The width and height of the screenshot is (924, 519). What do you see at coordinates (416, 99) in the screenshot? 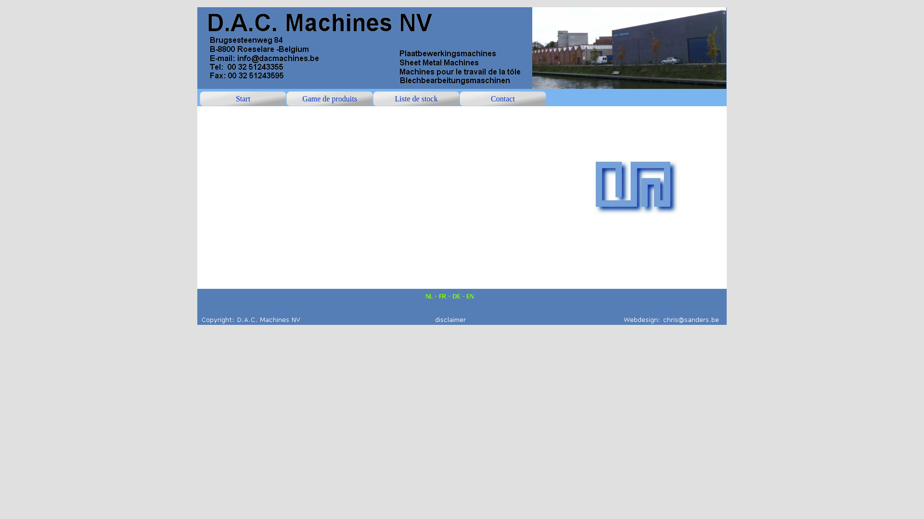
I see `'Liste de stock'` at bounding box center [416, 99].